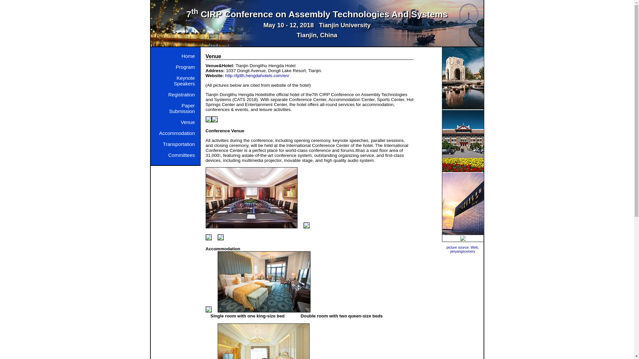 The image size is (639, 359). I want to click on 'http://tjdlh.hengdahotels.com/en/', so click(257, 75).